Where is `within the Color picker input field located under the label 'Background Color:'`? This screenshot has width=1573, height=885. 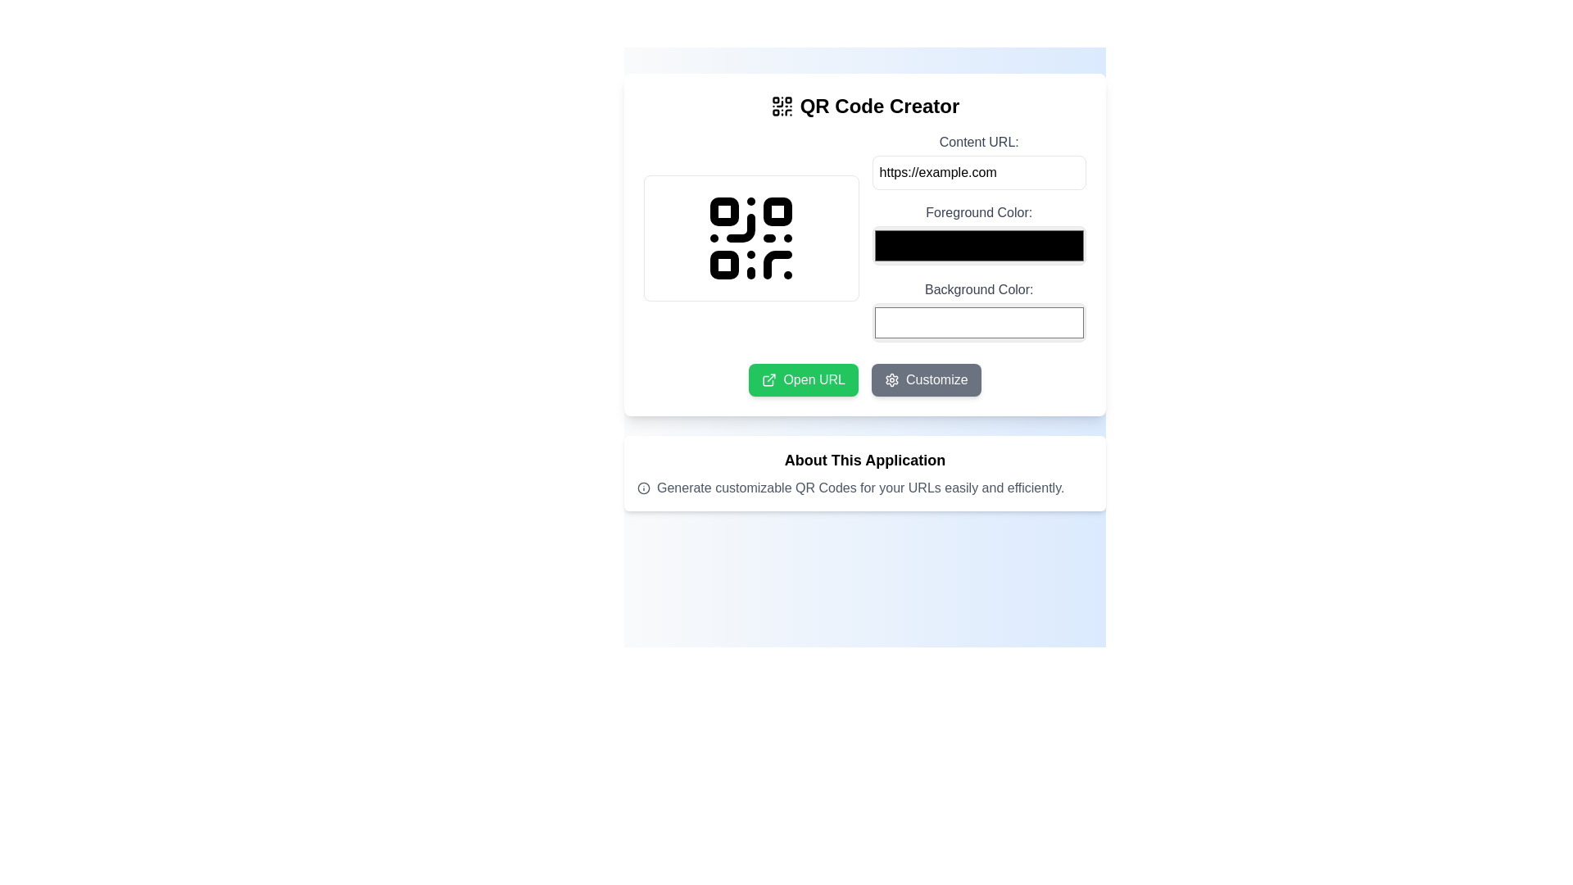
within the Color picker input field located under the label 'Background Color:' is located at coordinates (979, 322).